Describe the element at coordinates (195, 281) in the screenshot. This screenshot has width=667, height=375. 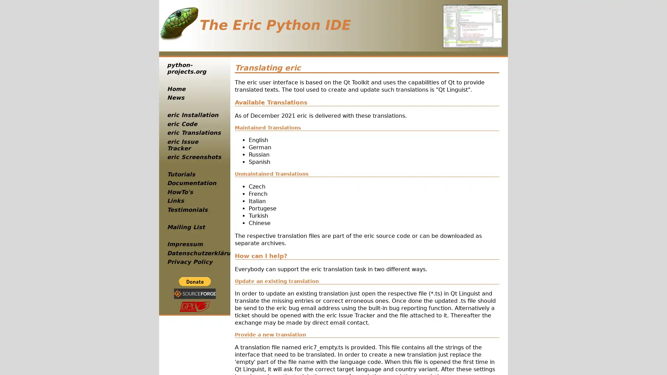
I see `PayPal - The safer, easier way to pay online!` at that location.